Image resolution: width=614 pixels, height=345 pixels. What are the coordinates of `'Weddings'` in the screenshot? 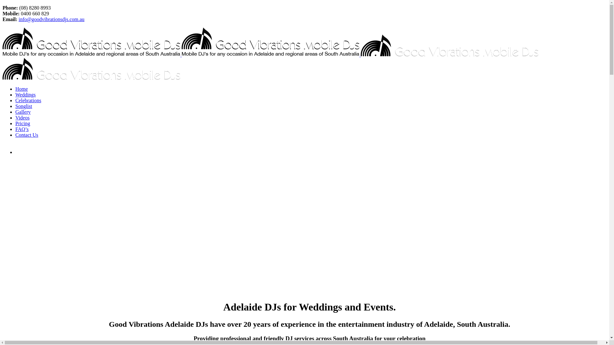 It's located at (15, 95).